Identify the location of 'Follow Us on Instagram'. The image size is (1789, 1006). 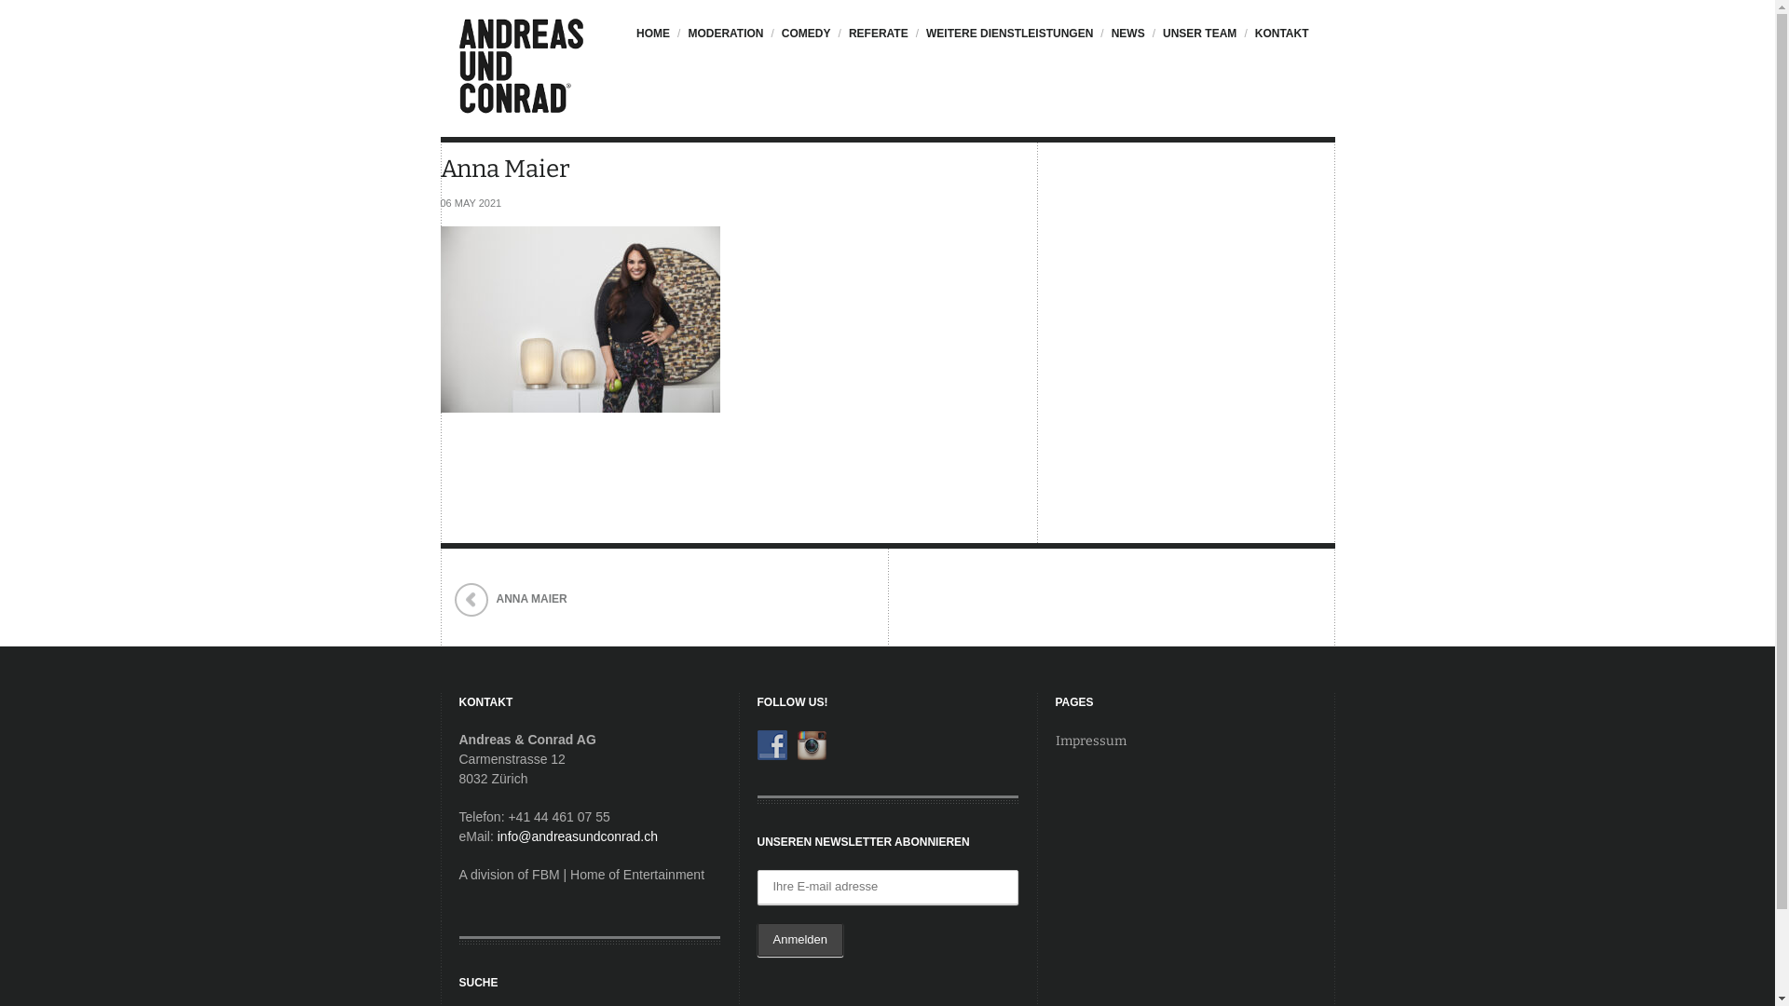
(810, 743).